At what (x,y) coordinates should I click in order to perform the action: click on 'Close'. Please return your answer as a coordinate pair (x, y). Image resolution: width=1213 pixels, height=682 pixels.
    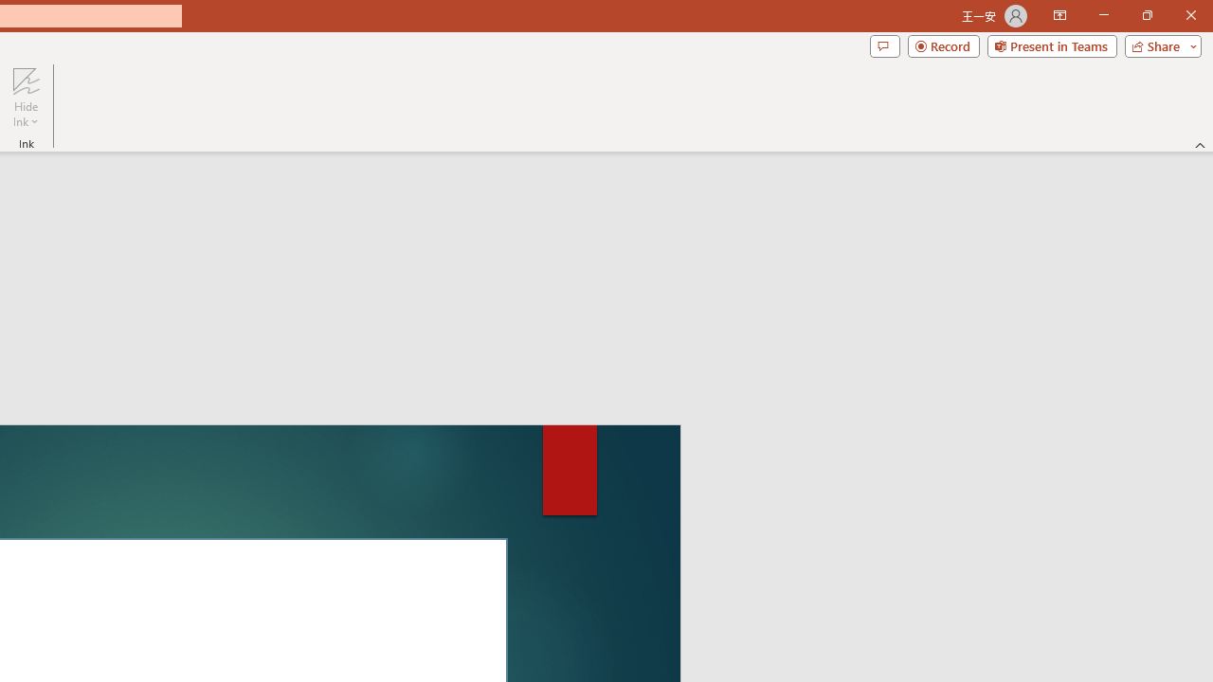
    Looking at the image, I should click on (1189, 15).